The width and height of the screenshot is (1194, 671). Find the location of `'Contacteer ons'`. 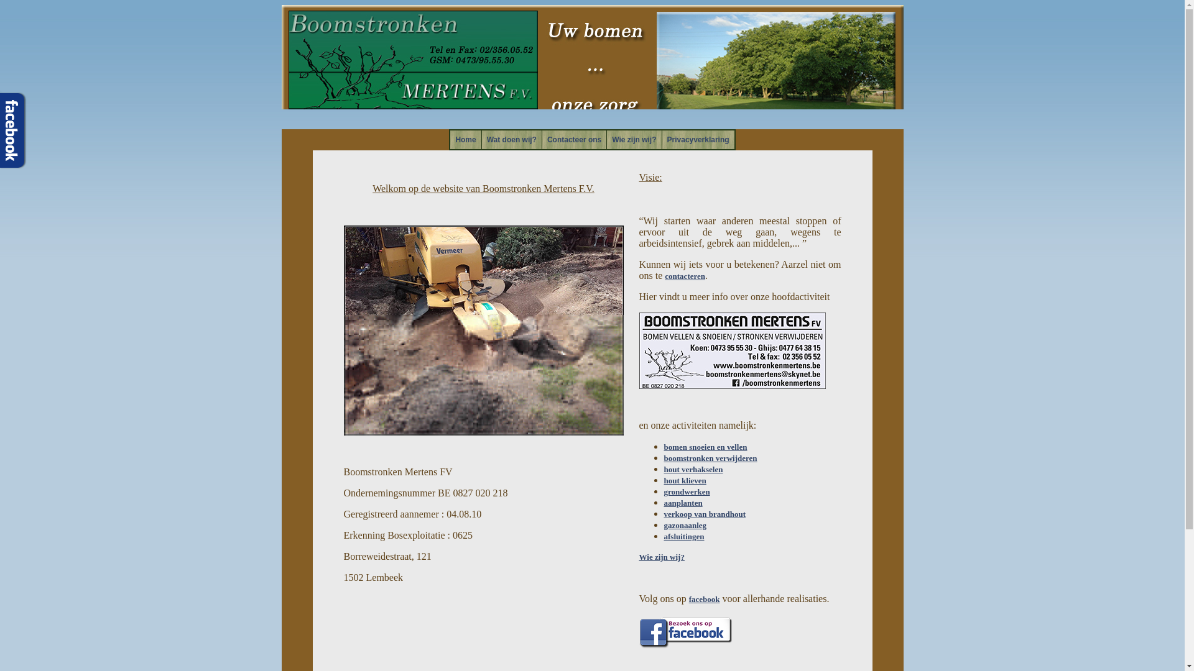

'Contacteer ons' is located at coordinates (573, 139).